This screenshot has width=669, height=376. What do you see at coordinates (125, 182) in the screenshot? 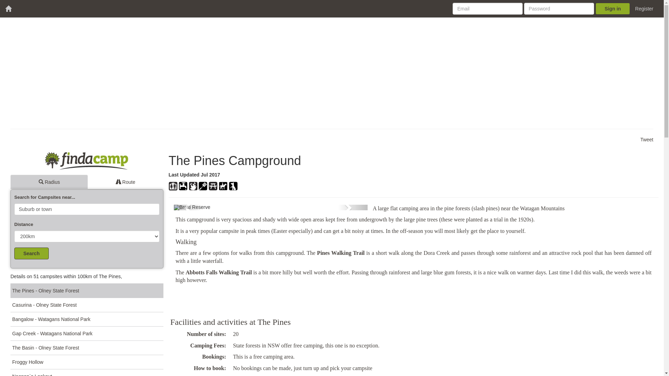
I see `'Route'` at bounding box center [125, 182].